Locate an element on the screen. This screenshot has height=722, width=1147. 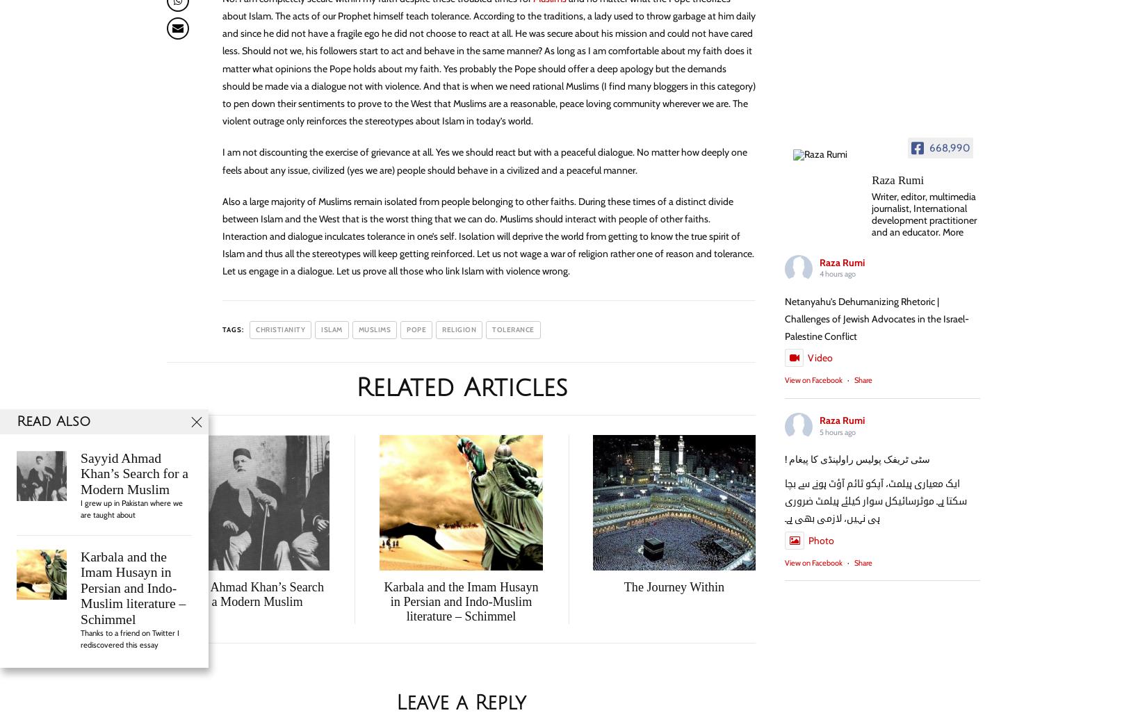
'668,990' is located at coordinates (928, 147).